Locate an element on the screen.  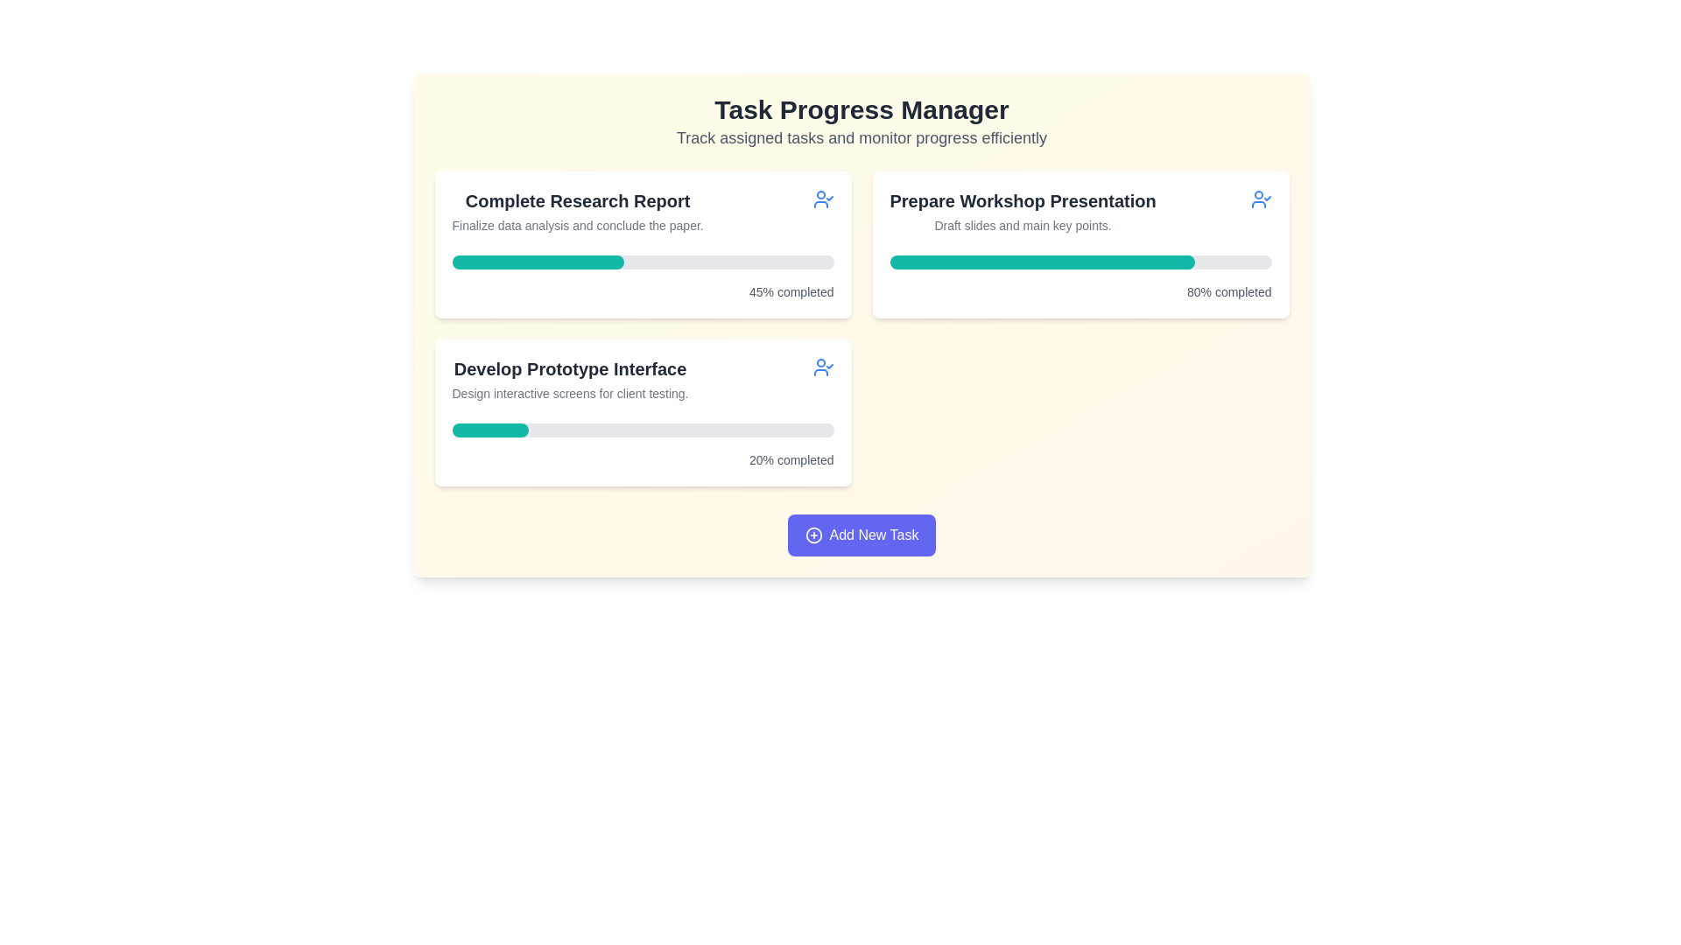
the circular icon with a plus sign, which is part of the 'Add New Task' button located at the bottom center of the interface to observe tooltip or styling changes is located at coordinates (812, 535).